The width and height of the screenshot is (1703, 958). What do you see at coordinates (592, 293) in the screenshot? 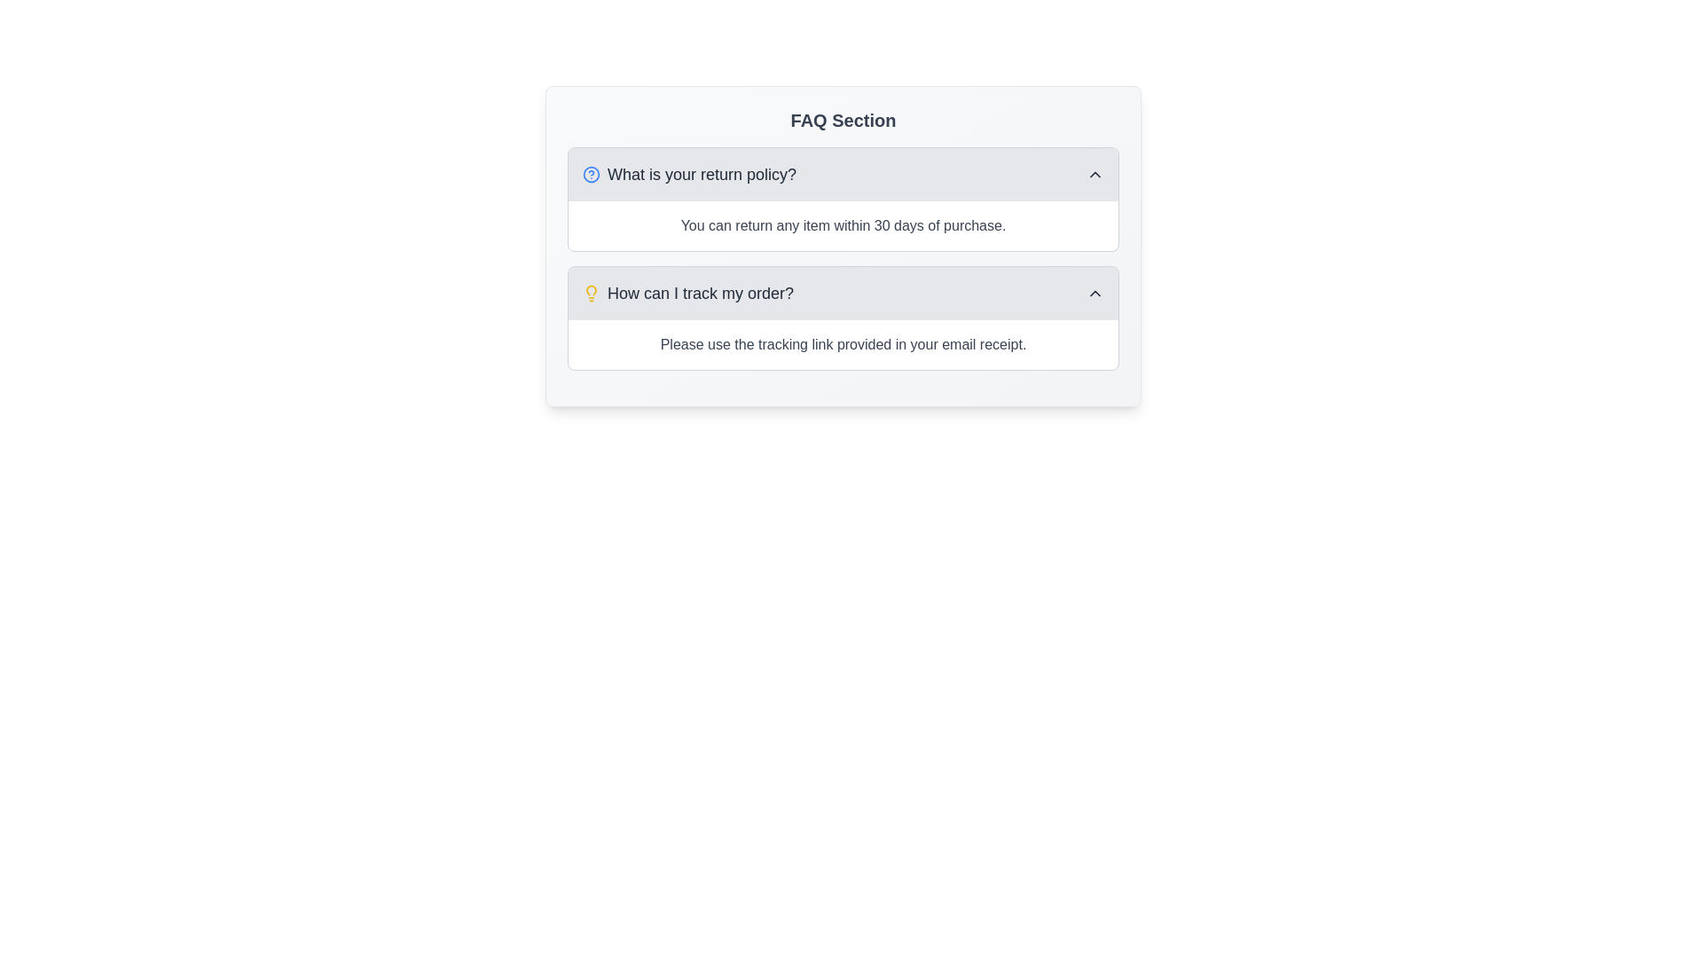
I see `the lightbulb icon in the FAQ section, which is positioned to the left of the text 'How can I track my order?'` at bounding box center [592, 293].